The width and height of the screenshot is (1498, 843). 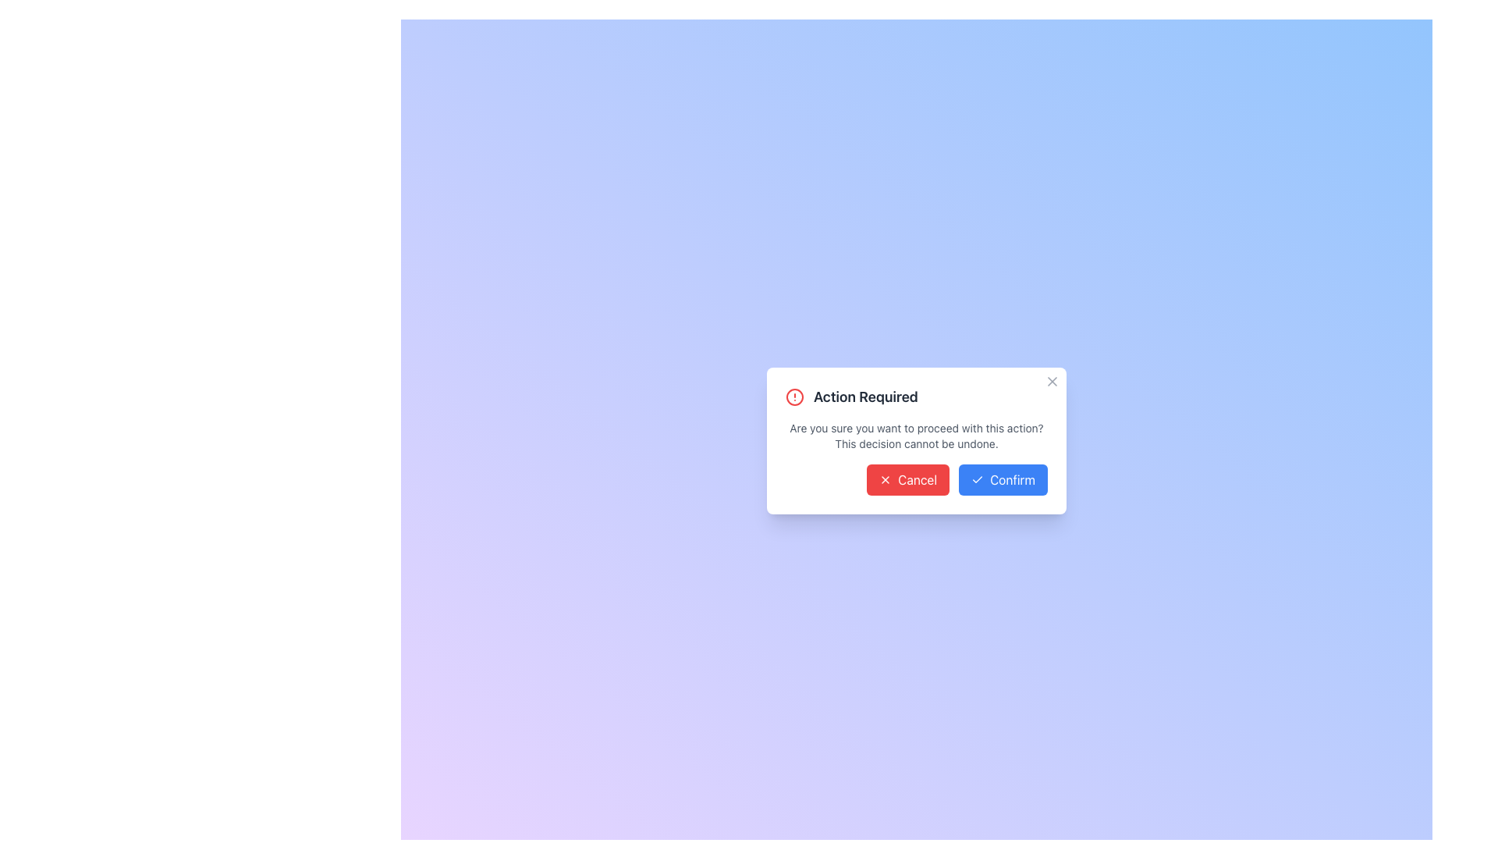 What do you see at coordinates (976, 478) in the screenshot?
I see `the Checkmark Icon located within the blue 'Confirm' button, which is positioned below the 'Action Required' dialog box` at bounding box center [976, 478].